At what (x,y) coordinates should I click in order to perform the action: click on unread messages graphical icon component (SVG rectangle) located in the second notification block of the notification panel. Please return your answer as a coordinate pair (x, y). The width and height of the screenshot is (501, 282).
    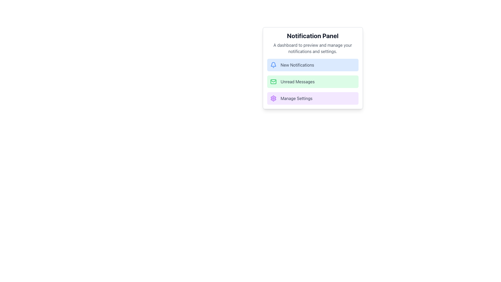
    Looking at the image, I should click on (273, 81).